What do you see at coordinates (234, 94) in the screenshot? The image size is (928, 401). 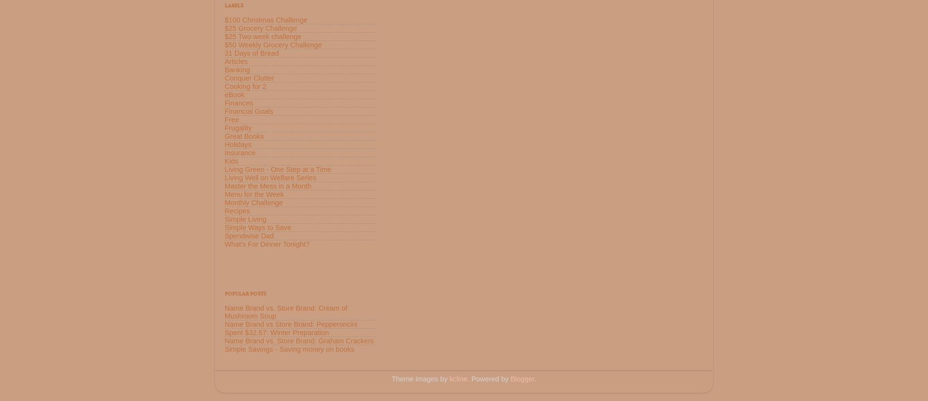 I see `'eBook'` at bounding box center [234, 94].